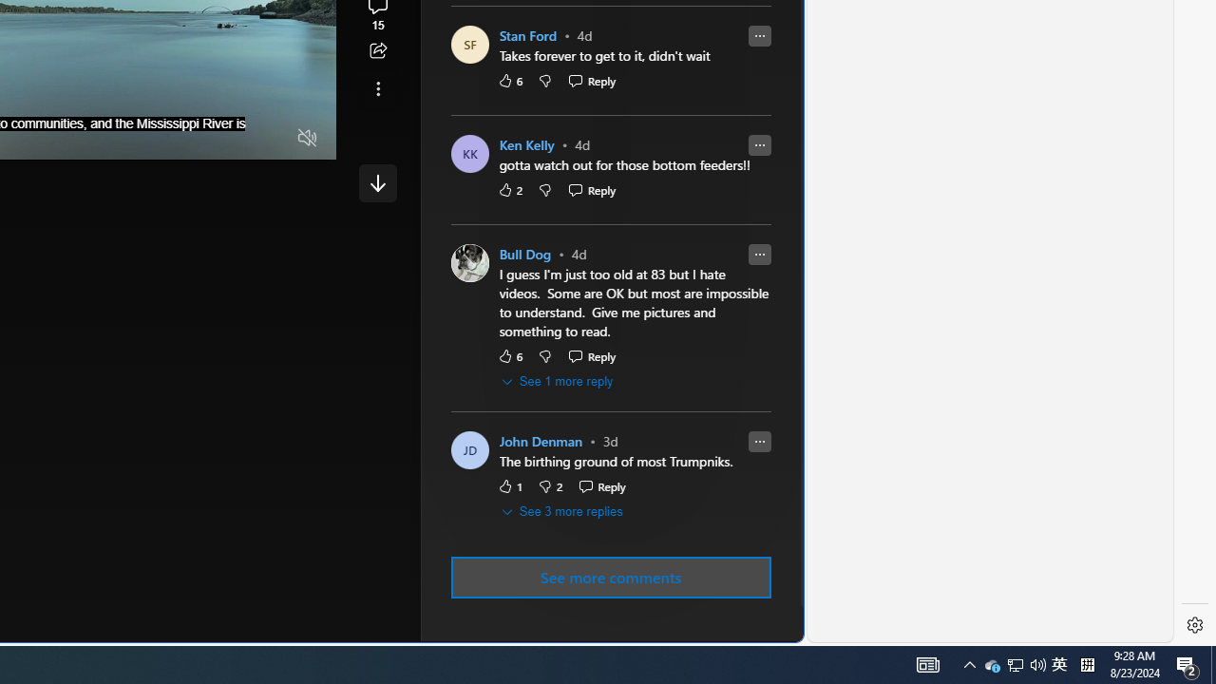  Describe the element at coordinates (509, 485) in the screenshot. I see `'1 Like'` at that location.